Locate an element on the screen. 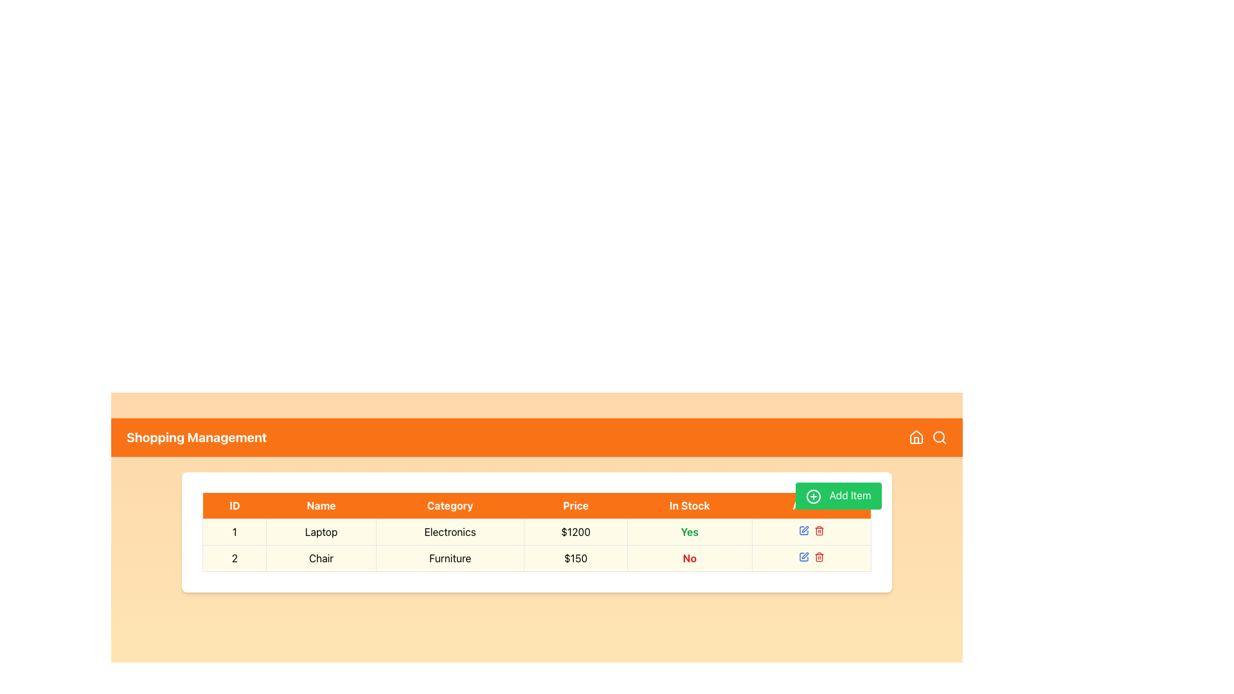 The width and height of the screenshot is (1234, 694). the small red trash can icon button used to indicate a delete function for the 'Chair' entry in the table is located at coordinates (818, 556).